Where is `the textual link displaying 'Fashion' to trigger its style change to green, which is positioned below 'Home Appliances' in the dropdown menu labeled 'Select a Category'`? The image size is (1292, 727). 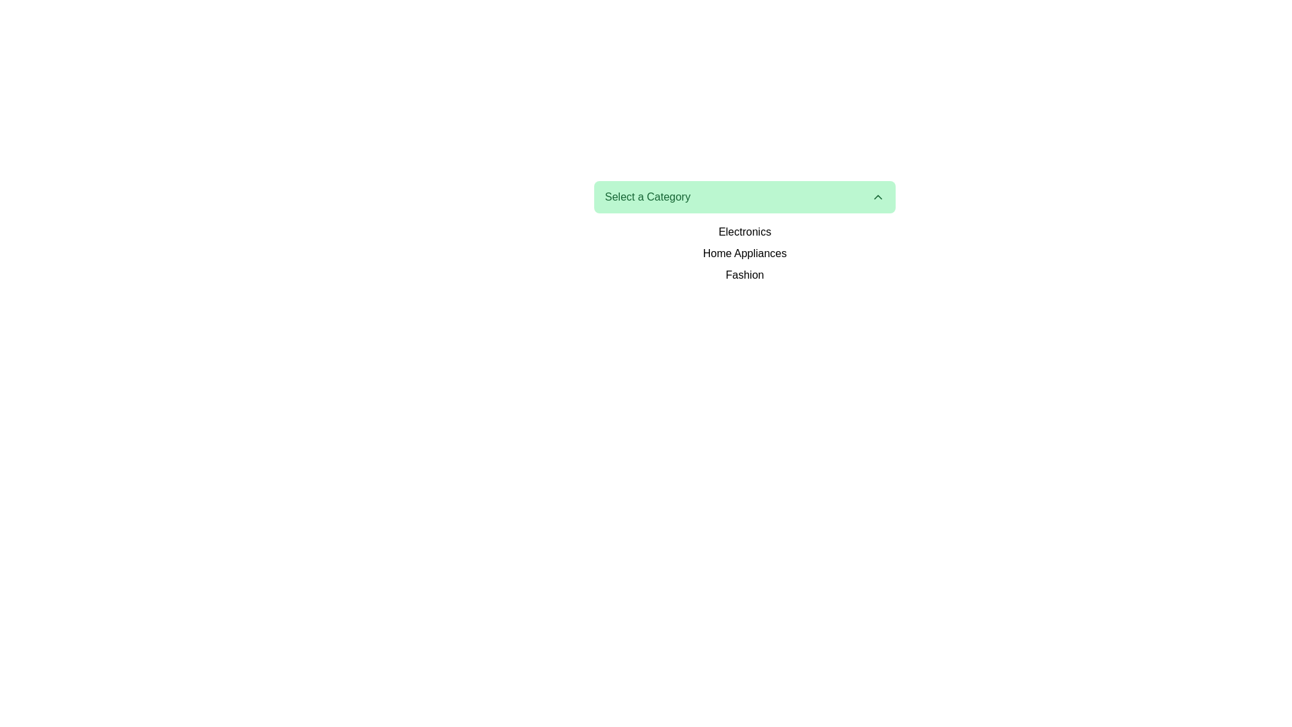
the textual link displaying 'Fashion' to trigger its style change to green, which is positioned below 'Home Appliances' in the dropdown menu labeled 'Select a Category' is located at coordinates (744, 274).